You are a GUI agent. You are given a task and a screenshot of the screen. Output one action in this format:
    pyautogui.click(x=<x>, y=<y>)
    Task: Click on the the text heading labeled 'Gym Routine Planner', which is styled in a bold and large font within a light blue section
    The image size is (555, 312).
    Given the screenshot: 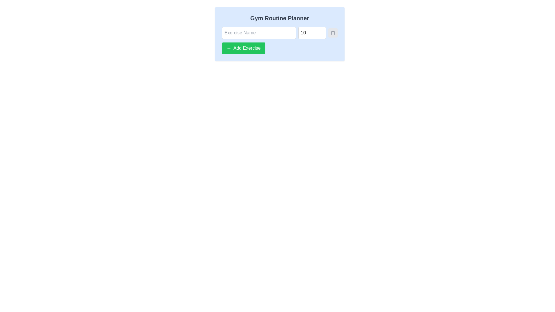 What is the action you would take?
    pyautogui.click(x=280, y=18)
    